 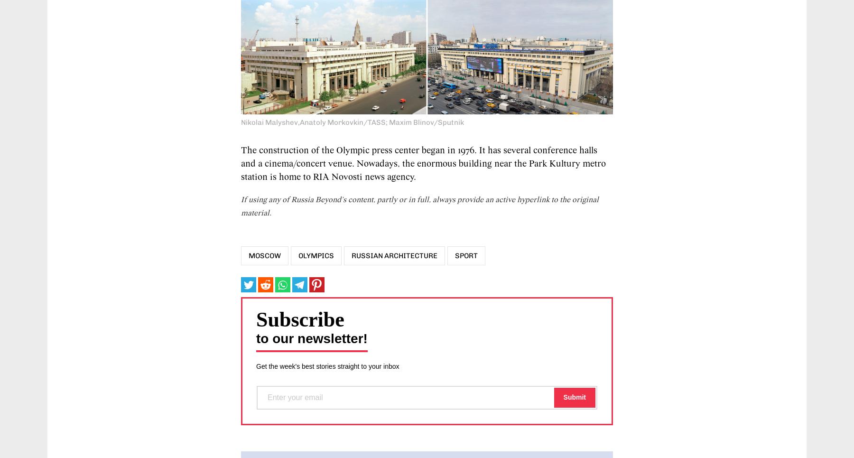 What do you see at coordinates (248, 254) in the screenshot?
I see `'Moscow'` at bounding box center [248, 254].